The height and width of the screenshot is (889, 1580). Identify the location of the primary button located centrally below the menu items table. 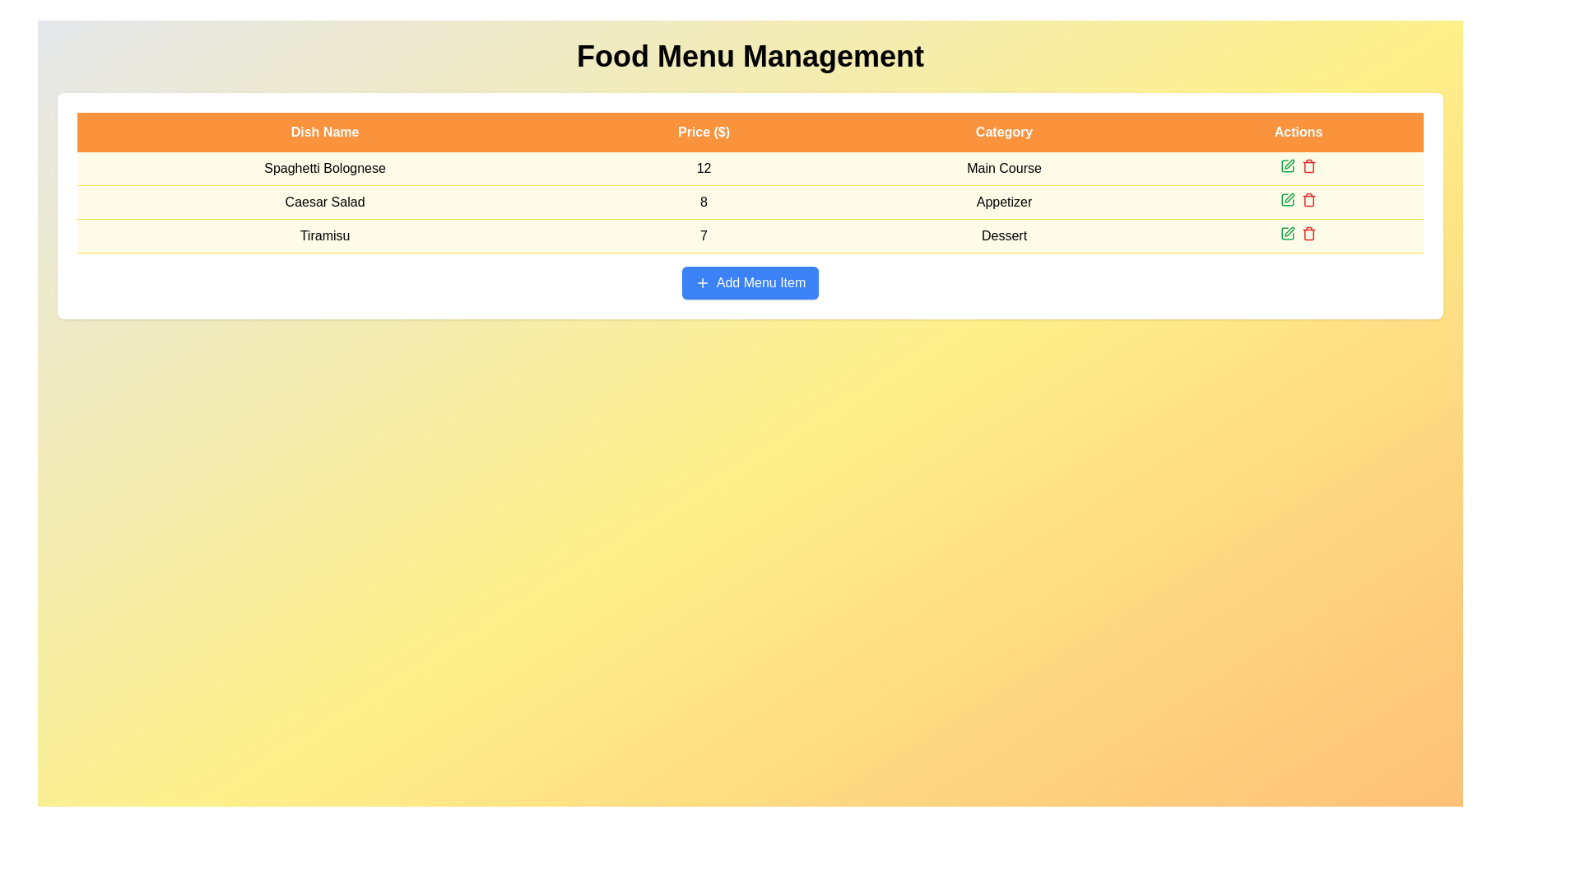
(750, 282).